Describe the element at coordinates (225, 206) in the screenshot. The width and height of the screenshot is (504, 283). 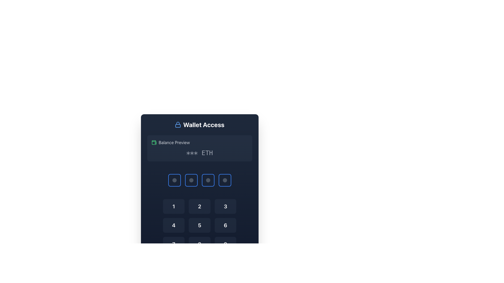
I see `the button representing the digit '3' in the top row, third column of the numerical keypad under 'Wallet Access' to input the number '3'` at that location.